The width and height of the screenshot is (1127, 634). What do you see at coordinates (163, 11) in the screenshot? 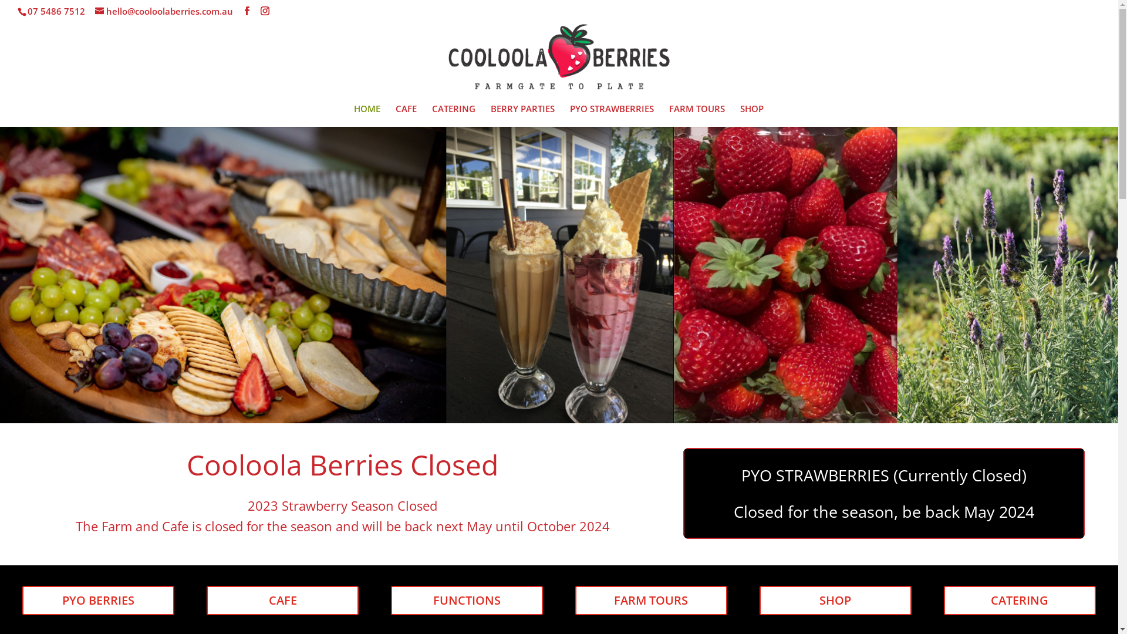
I see `'hello@cooloolaberries.com.au'` at bounding box center [163, 11].